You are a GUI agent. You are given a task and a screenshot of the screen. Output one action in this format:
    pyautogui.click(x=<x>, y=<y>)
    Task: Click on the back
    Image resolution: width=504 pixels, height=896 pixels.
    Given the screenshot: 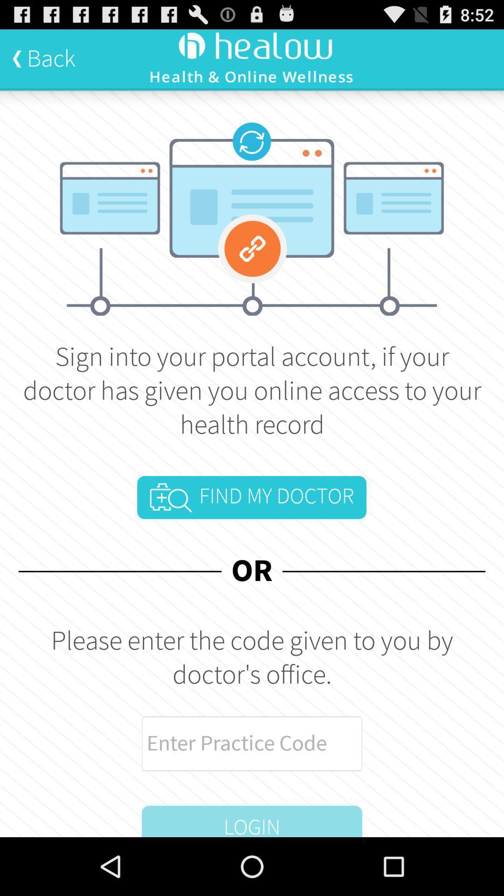 What is the action you would take?
    pyautogui.click(x=43, y=58)
    